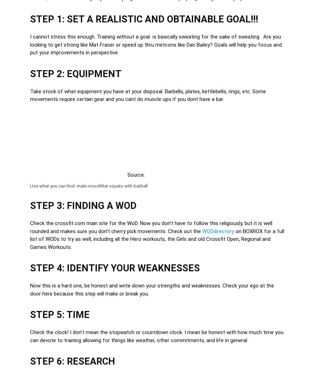  What do you see at coordinates (72, 361) in the screenshot?
I see `'STEP 6: RESEARCH'` at bounding box center [72, 361].